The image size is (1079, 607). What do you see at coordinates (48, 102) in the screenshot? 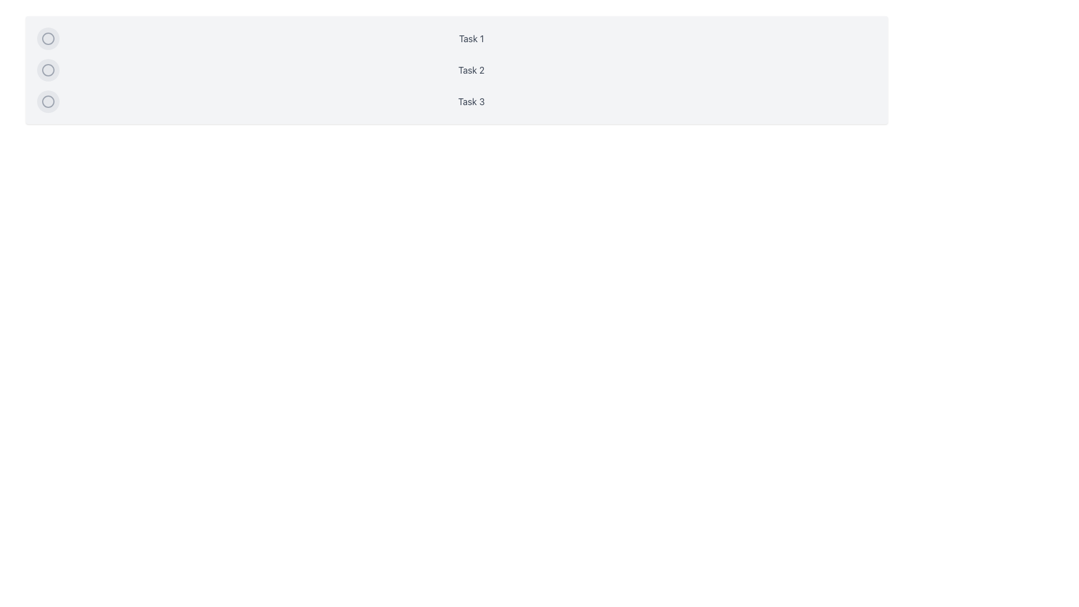
I see `the status of the Circle graphic indicating the status or category for 'Task 3', which is the third circle in a vertically aligned set of icons` at bounding box center [48, 102].